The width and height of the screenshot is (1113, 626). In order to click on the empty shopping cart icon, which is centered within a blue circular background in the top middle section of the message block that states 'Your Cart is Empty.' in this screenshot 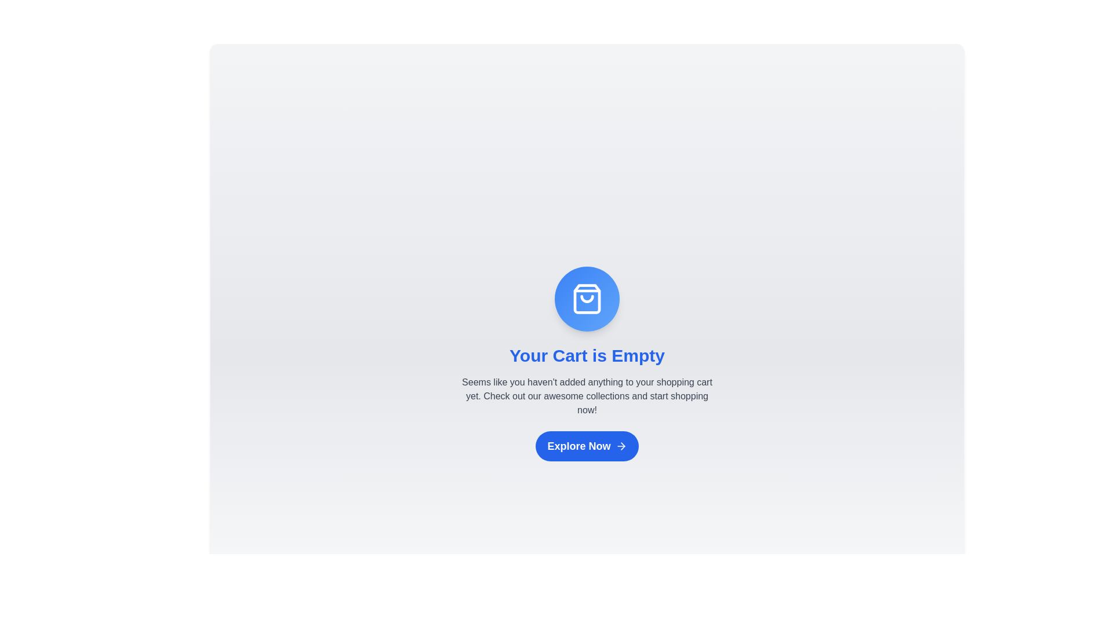, I will do `click(587, 299)`.